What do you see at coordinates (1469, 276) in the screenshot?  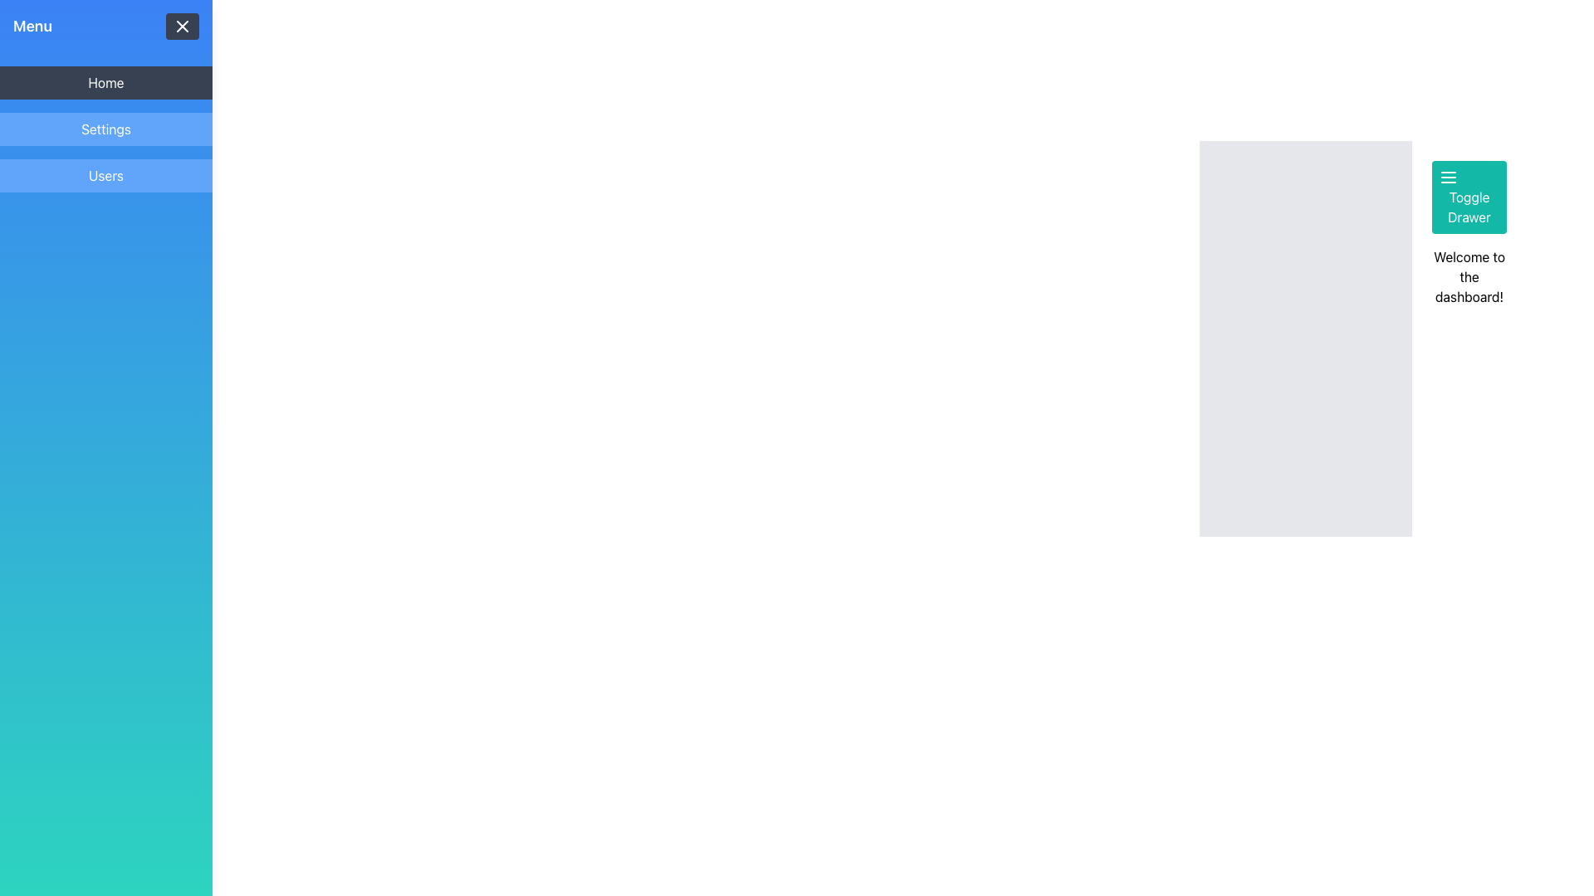 I see `the Text Label that serves as a title or greeting message for the dashboard interface, positioned directly below the 'Toggle Drawer' button` at bounding box center [1469, 276].